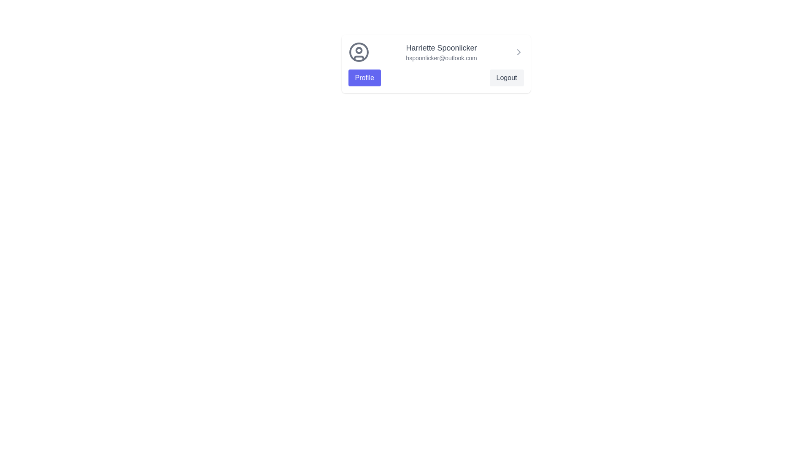  I want to click on the user profile icon, a circular gray outlined element representing a user's avatar, located in the top-left corner adjacent to the user's name and email, so click(359, 52).